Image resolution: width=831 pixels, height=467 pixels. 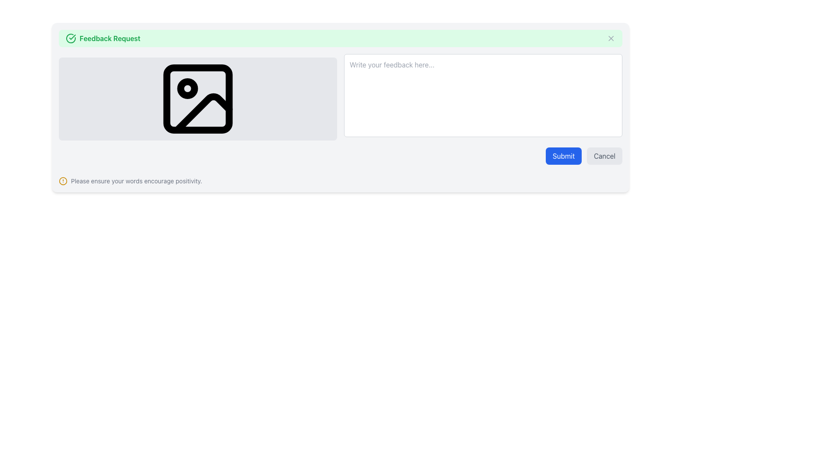 What do you see at coordinates (71, 38) in the screenshot?
I see `the success icon located at the leftmost side of the row containing the text 'Feedback Request'` at bounding box center [71, 38].